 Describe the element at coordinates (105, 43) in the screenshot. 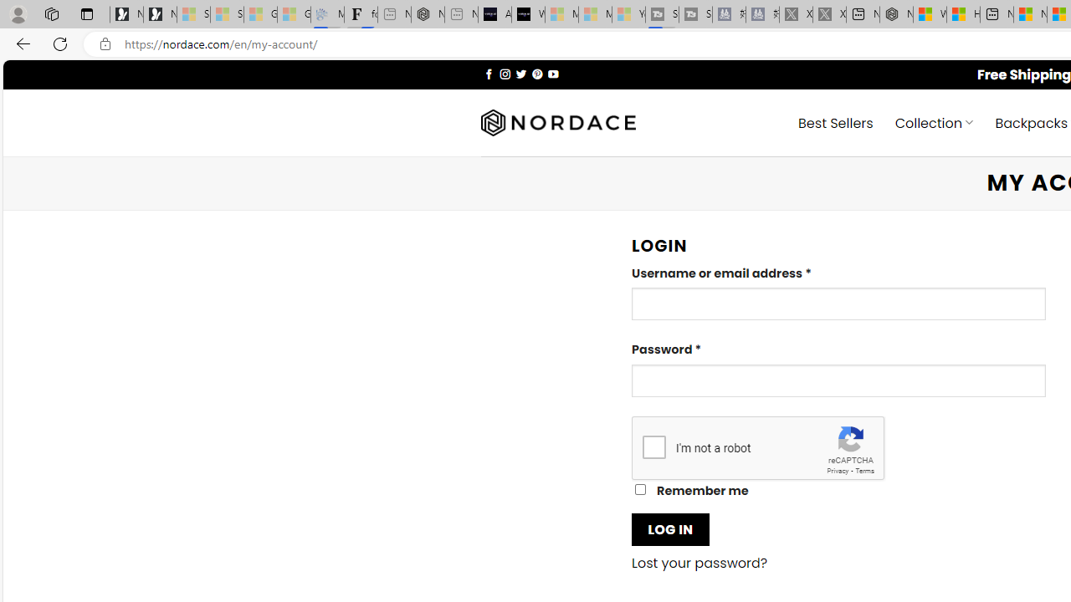

I see `'View site information'` at that location.